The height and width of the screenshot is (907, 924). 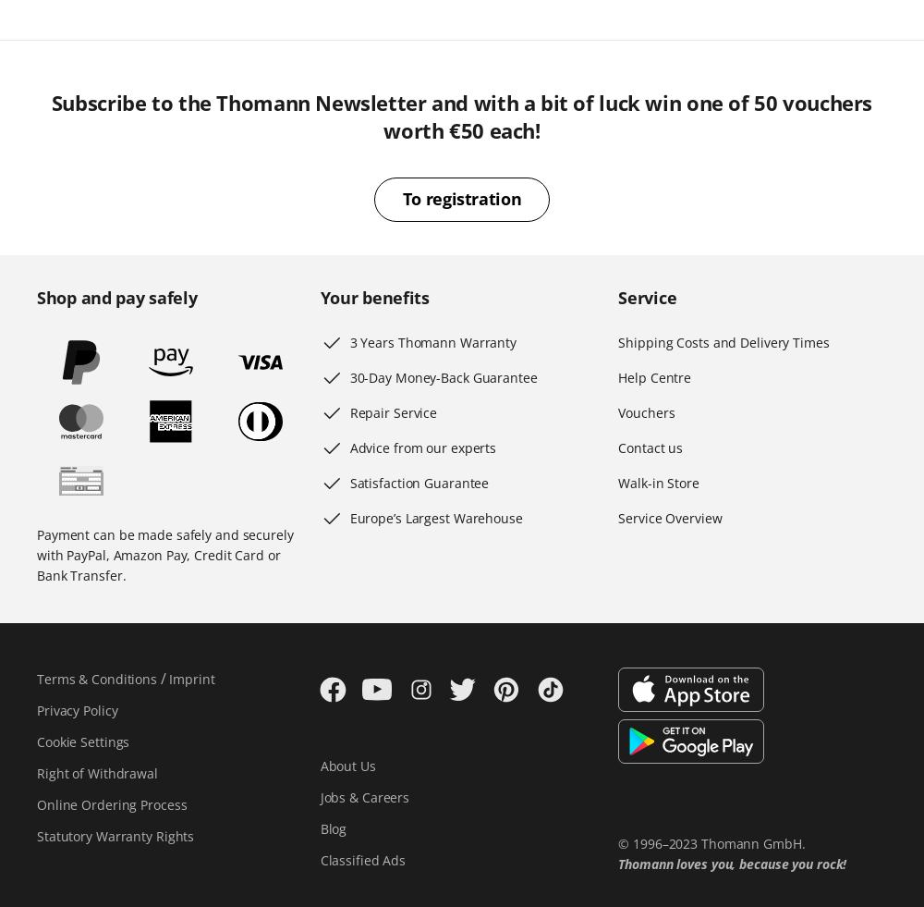 What do you see at coordinates (332, 828) in the screenshot?
I see `'Blog'` at bounding box center [332, 828].